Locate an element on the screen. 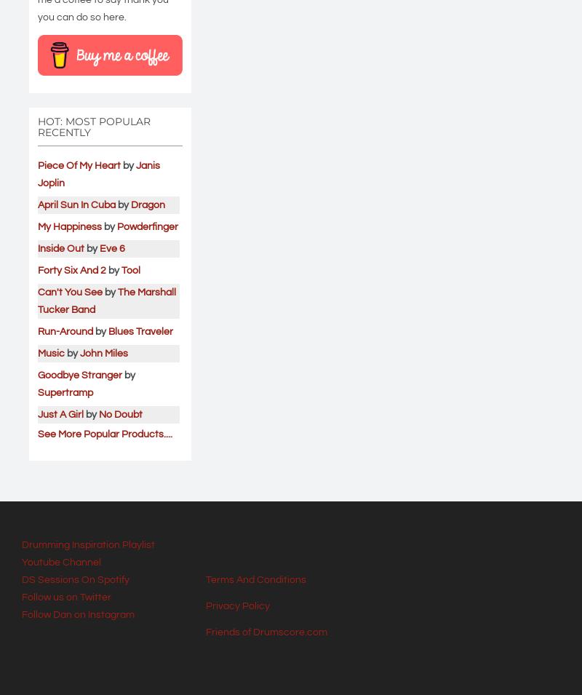 The height and width of the screenshot is (695, 582). 'Follow us on Twitter' is located at coordinates (22, 596).